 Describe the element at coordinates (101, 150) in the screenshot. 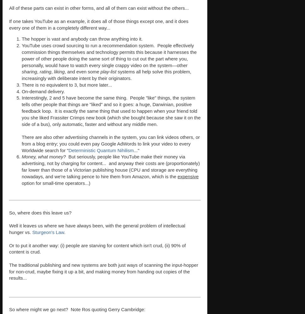

I see `'Deterministic Quantum Nihilism'` at that location.